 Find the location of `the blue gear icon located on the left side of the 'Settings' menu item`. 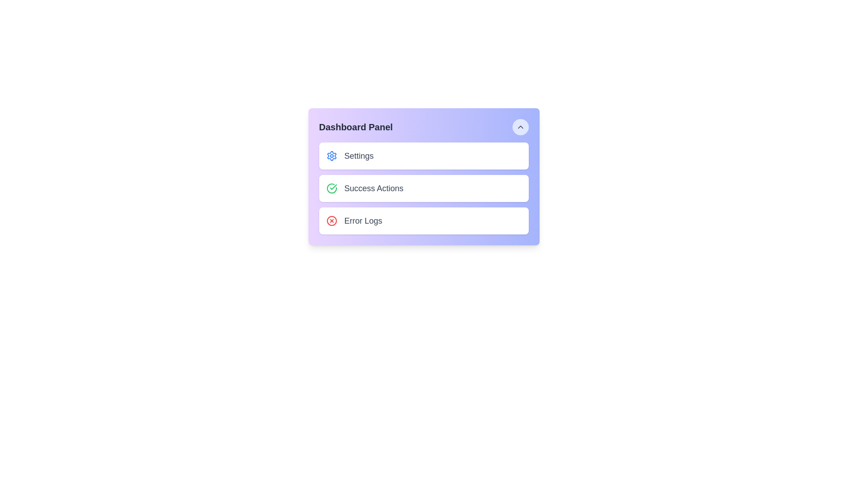

the blue gear icon located on the left side of the 'Settings' menu item is located at coordinates (331, 156).